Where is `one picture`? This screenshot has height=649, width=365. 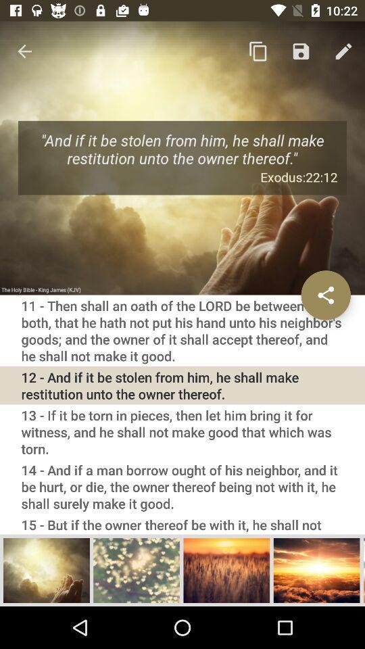 one picture is located at coordinates (46, 569).